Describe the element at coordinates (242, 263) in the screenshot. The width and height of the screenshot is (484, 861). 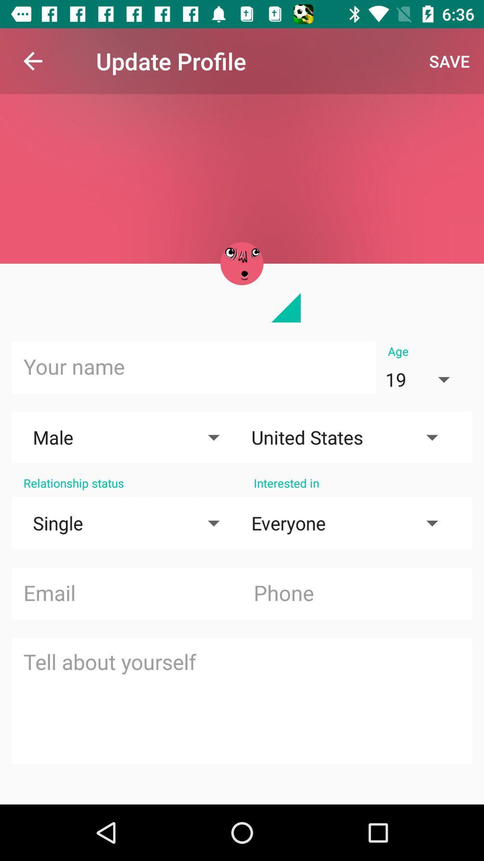
I see `check profile photo` at that location.